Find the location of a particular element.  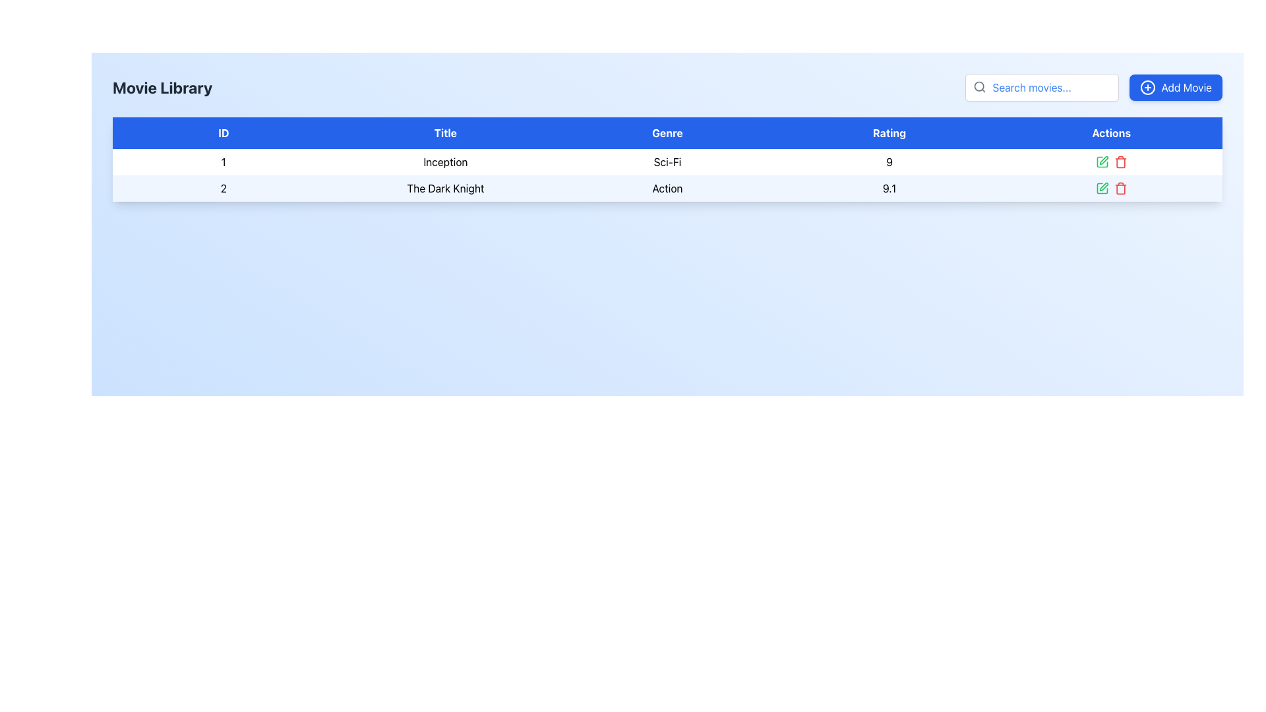

the gray magnifying glass icon located to the left of the 'Search movies...' input field at the top-right corner of the interface is located at coordinates (980, 86).